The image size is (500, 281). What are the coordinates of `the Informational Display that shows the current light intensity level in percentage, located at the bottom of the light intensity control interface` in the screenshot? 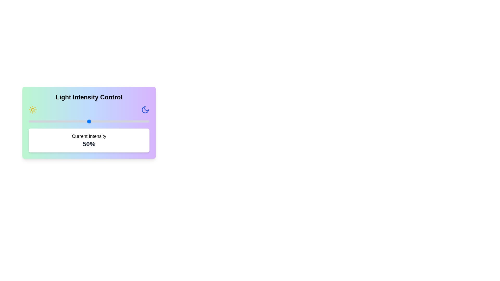 It's located at (89, 140).